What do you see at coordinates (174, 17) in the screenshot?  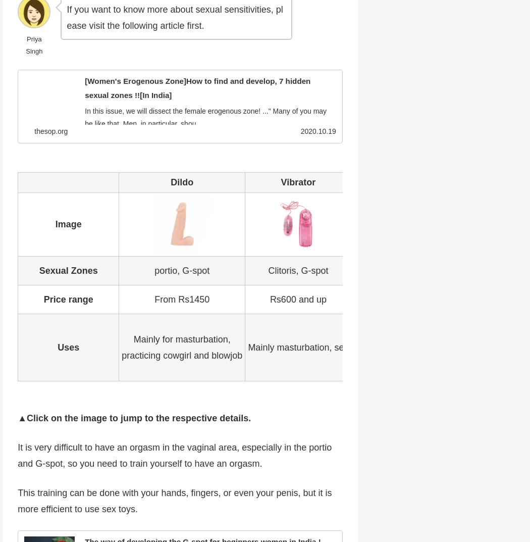 I see `'If you want to know more about sexual sensitivities, please visit the following article first.'` at bounding box center [174, 17].